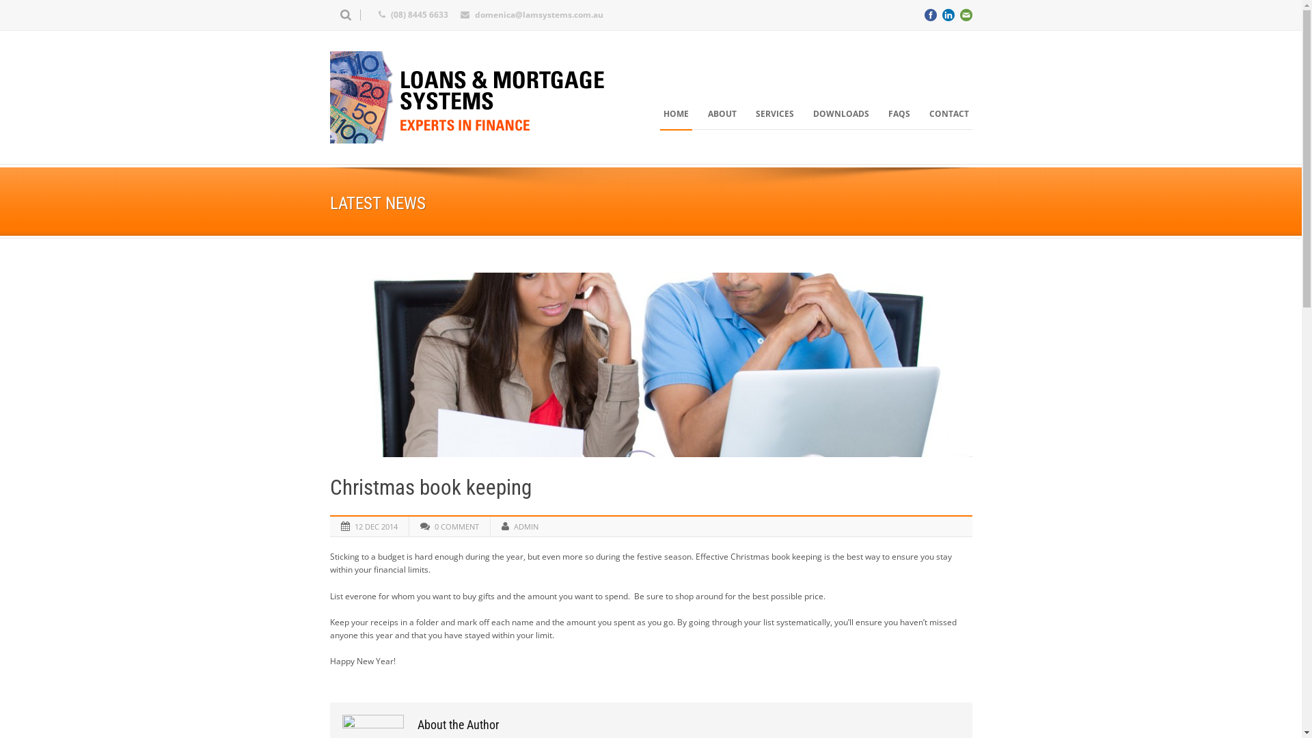  What do you see at coordinates (456, 525) in the screenshot?
I see `'0 COMMENT'` at bounding box center [456, 525].